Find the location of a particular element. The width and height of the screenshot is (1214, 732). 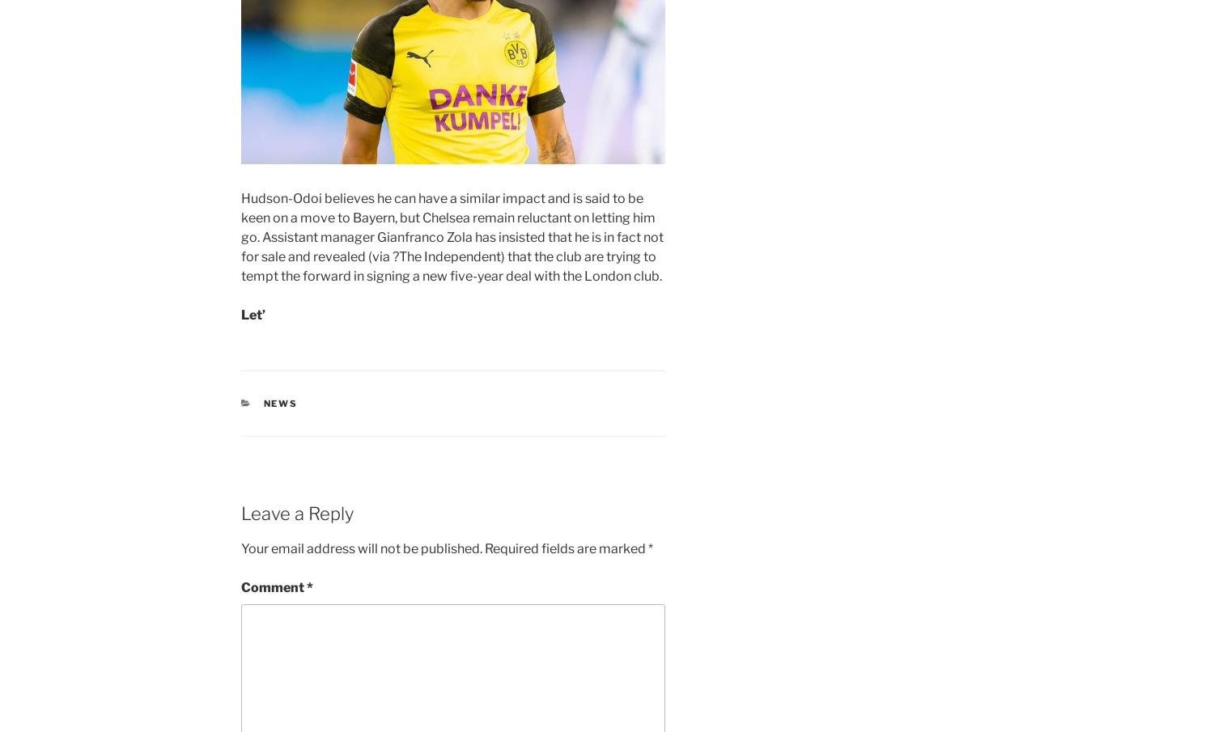

'Comment' is located at coordinates (241, 586).